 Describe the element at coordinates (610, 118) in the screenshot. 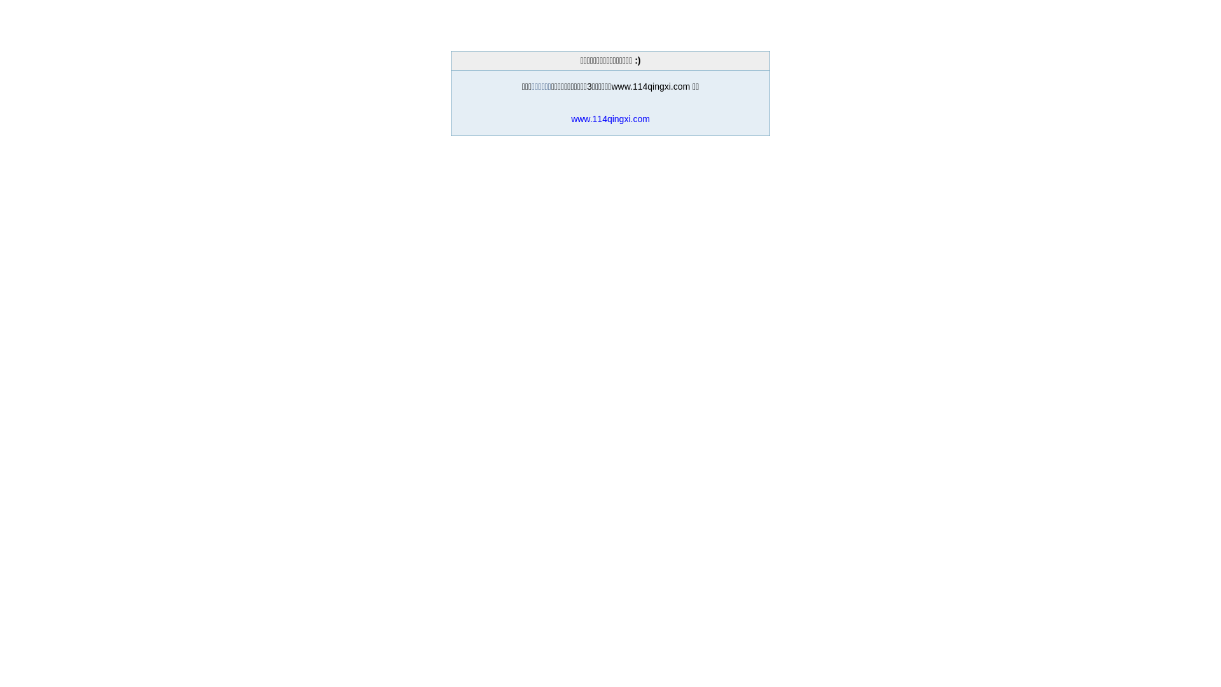

I see `'www.114qingxi.com'` at that location.